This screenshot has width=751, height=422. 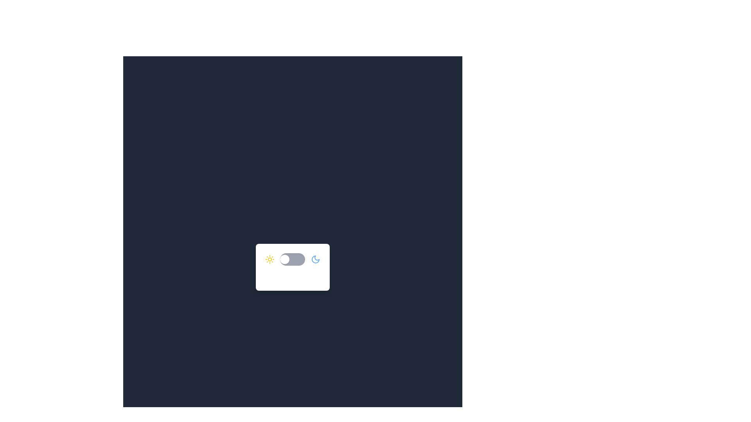 I want to click on the thumb of the toggle switch located centrally within a white card-like section, so click(x=292, y=259).